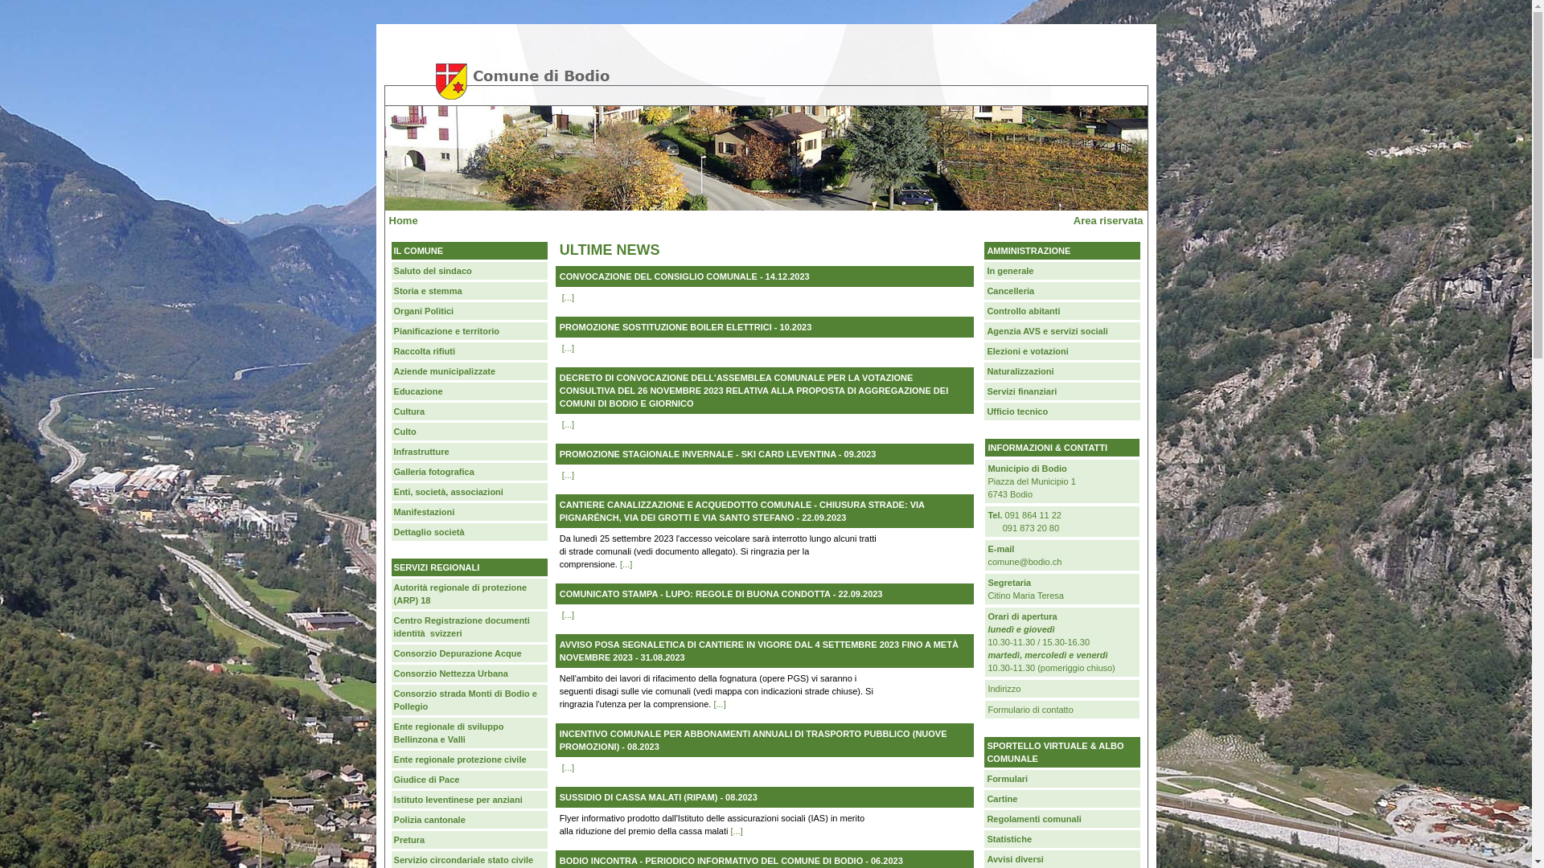  Describe the element at coordinates (469, 699) in the screenshot. I see `'Consorzio strada Monti di Bodio e Pollegio'` at that location.